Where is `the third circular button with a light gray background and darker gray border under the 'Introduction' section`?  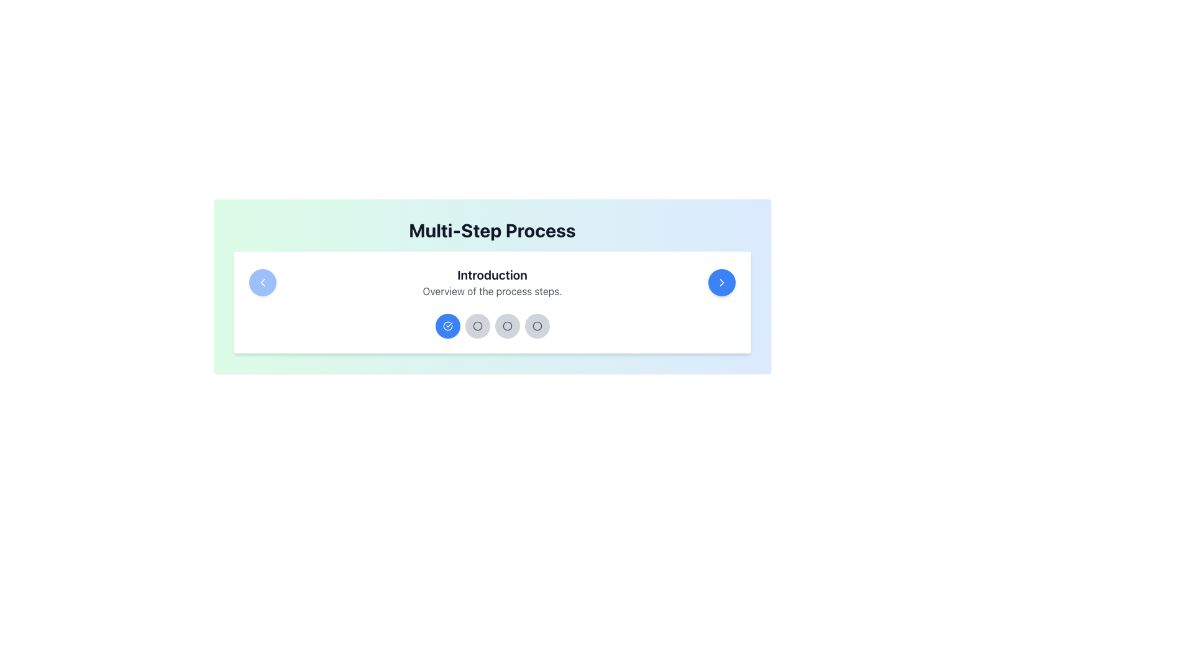
the third circular button with a light gray background and darker gray border under the 'Introduction' section is located at coordinates (507, 325).